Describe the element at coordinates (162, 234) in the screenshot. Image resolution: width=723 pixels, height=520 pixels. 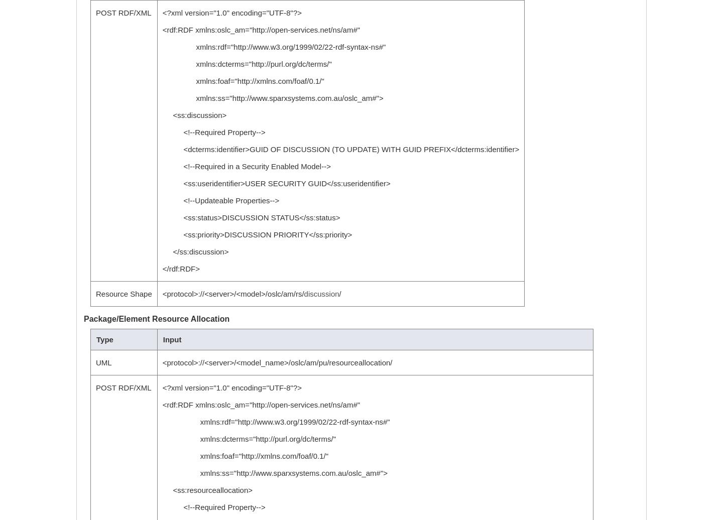
I see `'<ss:priority>DISCUSSION PRIORITY</ss:priority>'` at that location.